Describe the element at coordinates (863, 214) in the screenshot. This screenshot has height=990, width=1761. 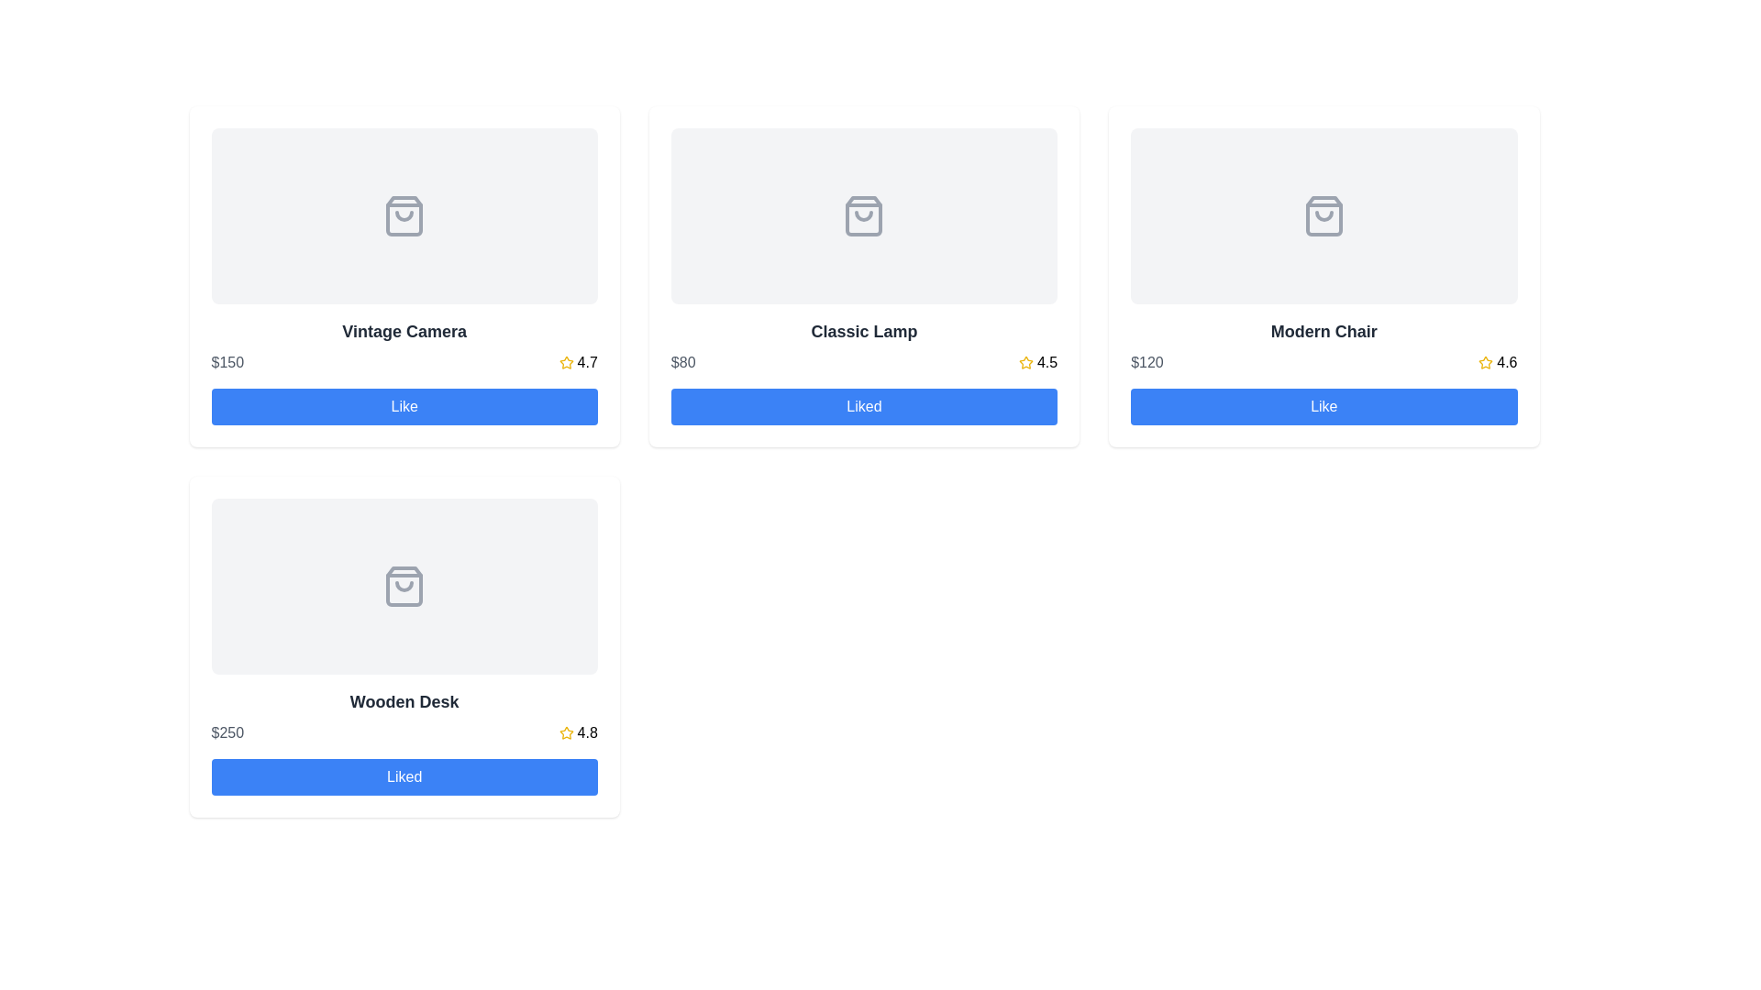
I see `the shopping-related icon located in the 'Classic Lamp' card in the second column of the top row, which is centered within the light gray area at the top of the card` at that location.